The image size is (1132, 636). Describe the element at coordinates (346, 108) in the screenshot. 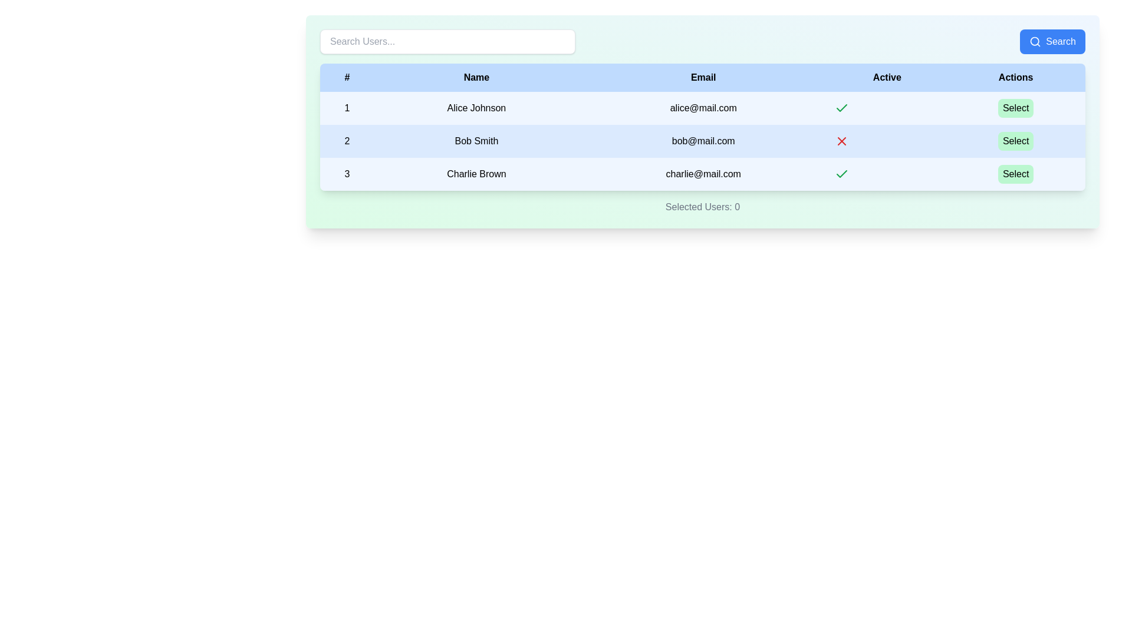

I see `the text label that indicates the ordinal identifier for the first row in the table, which is aligned with the names 'Alice Johnson', 'alice@mail.com', and the 'Select' option` at that location.